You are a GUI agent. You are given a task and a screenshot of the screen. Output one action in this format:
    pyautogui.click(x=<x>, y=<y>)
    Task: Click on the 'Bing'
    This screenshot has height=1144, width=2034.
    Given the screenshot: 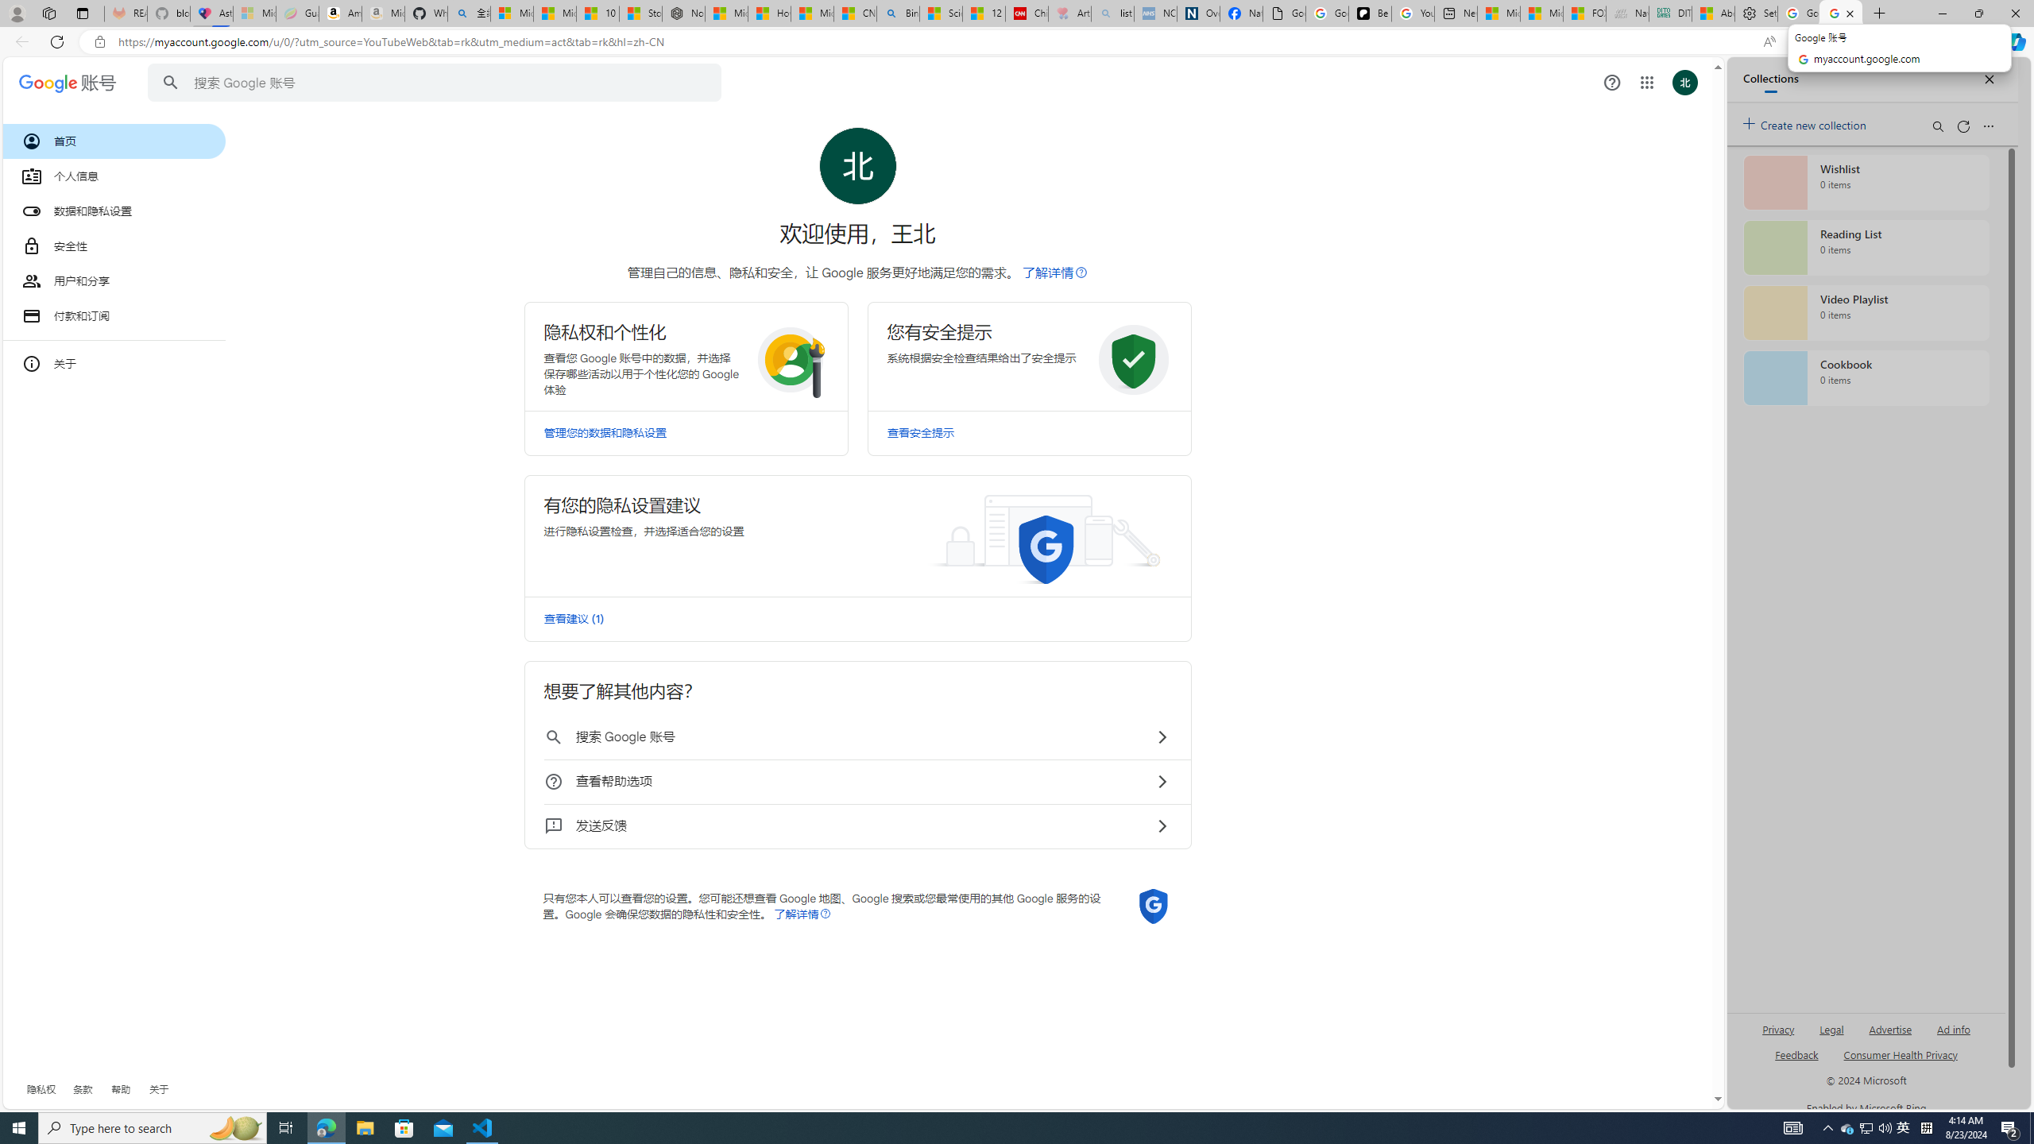 What is the action you would take?
    pyautogui.click(x=897, y=13)
    